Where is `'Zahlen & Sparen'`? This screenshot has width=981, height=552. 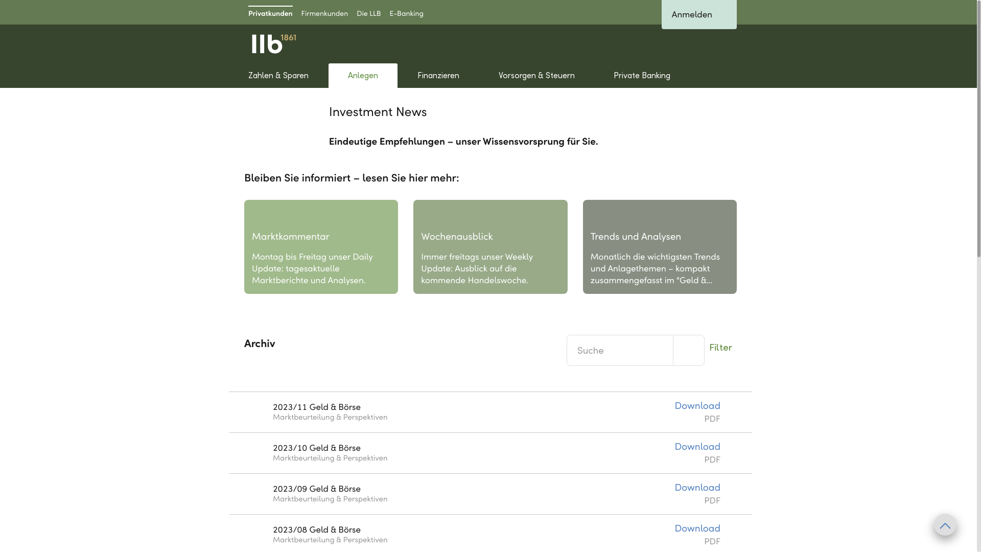
'Zahlen & Sparen' is located at coordinates (278, 75).